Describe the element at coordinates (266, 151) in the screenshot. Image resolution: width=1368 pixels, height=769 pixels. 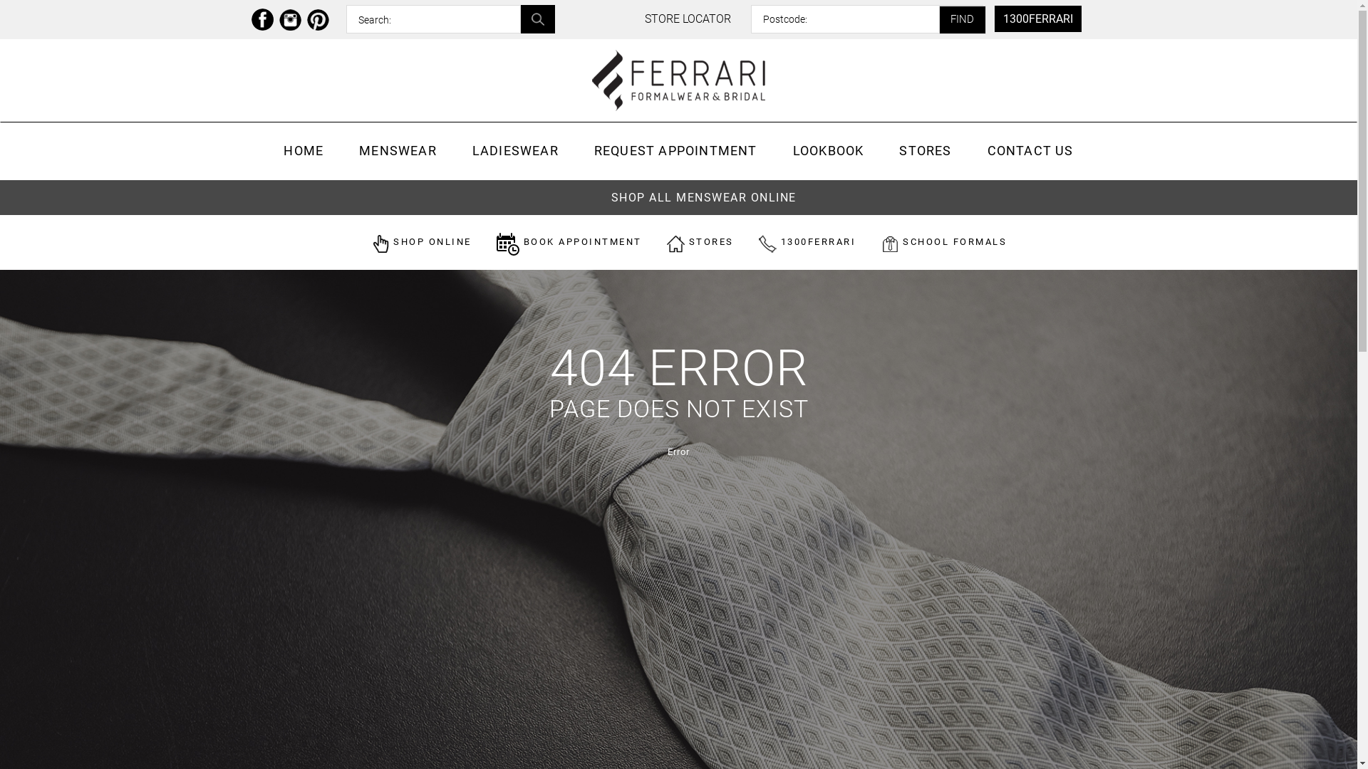
I see `'HOME'` at that location.